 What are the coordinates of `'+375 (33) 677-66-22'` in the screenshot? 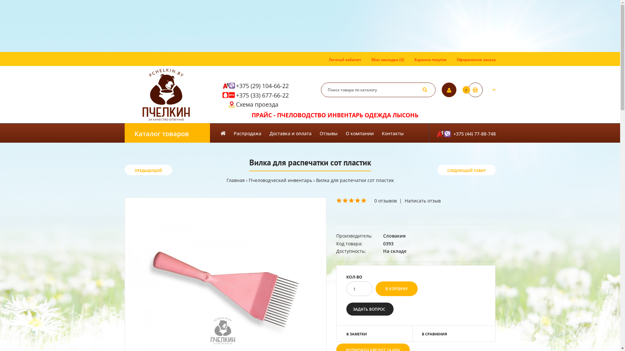 It's located at (262, 95).